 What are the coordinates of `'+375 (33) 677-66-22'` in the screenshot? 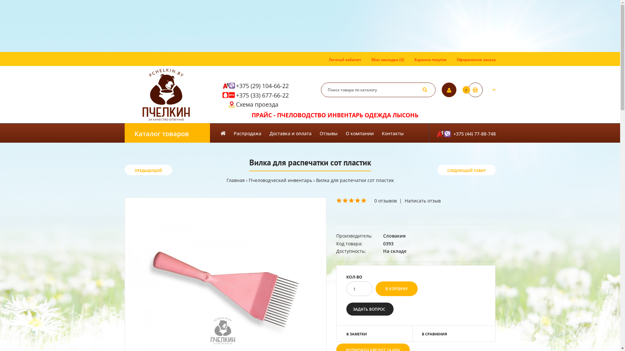 It's located at (262, 95).